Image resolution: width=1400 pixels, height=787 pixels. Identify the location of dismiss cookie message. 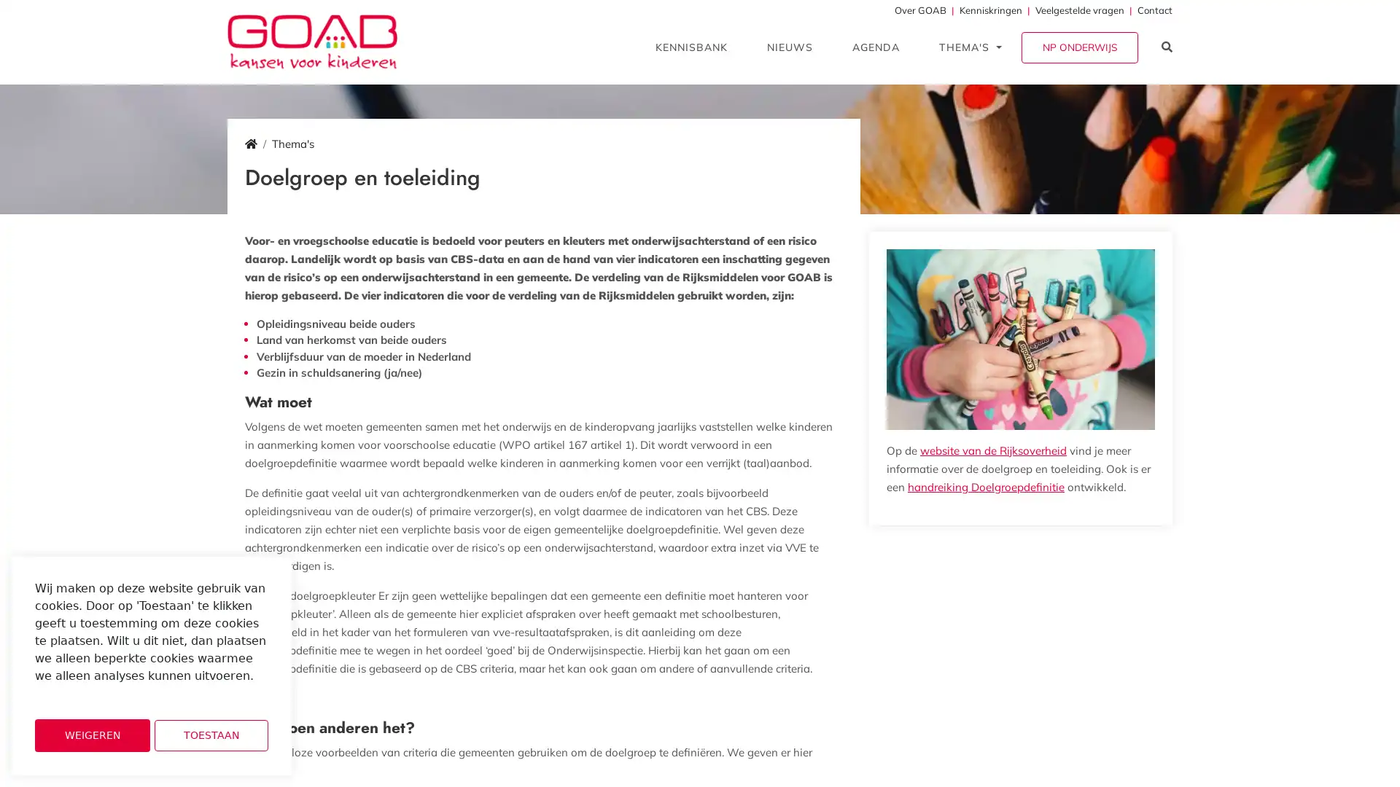
(91, 735).